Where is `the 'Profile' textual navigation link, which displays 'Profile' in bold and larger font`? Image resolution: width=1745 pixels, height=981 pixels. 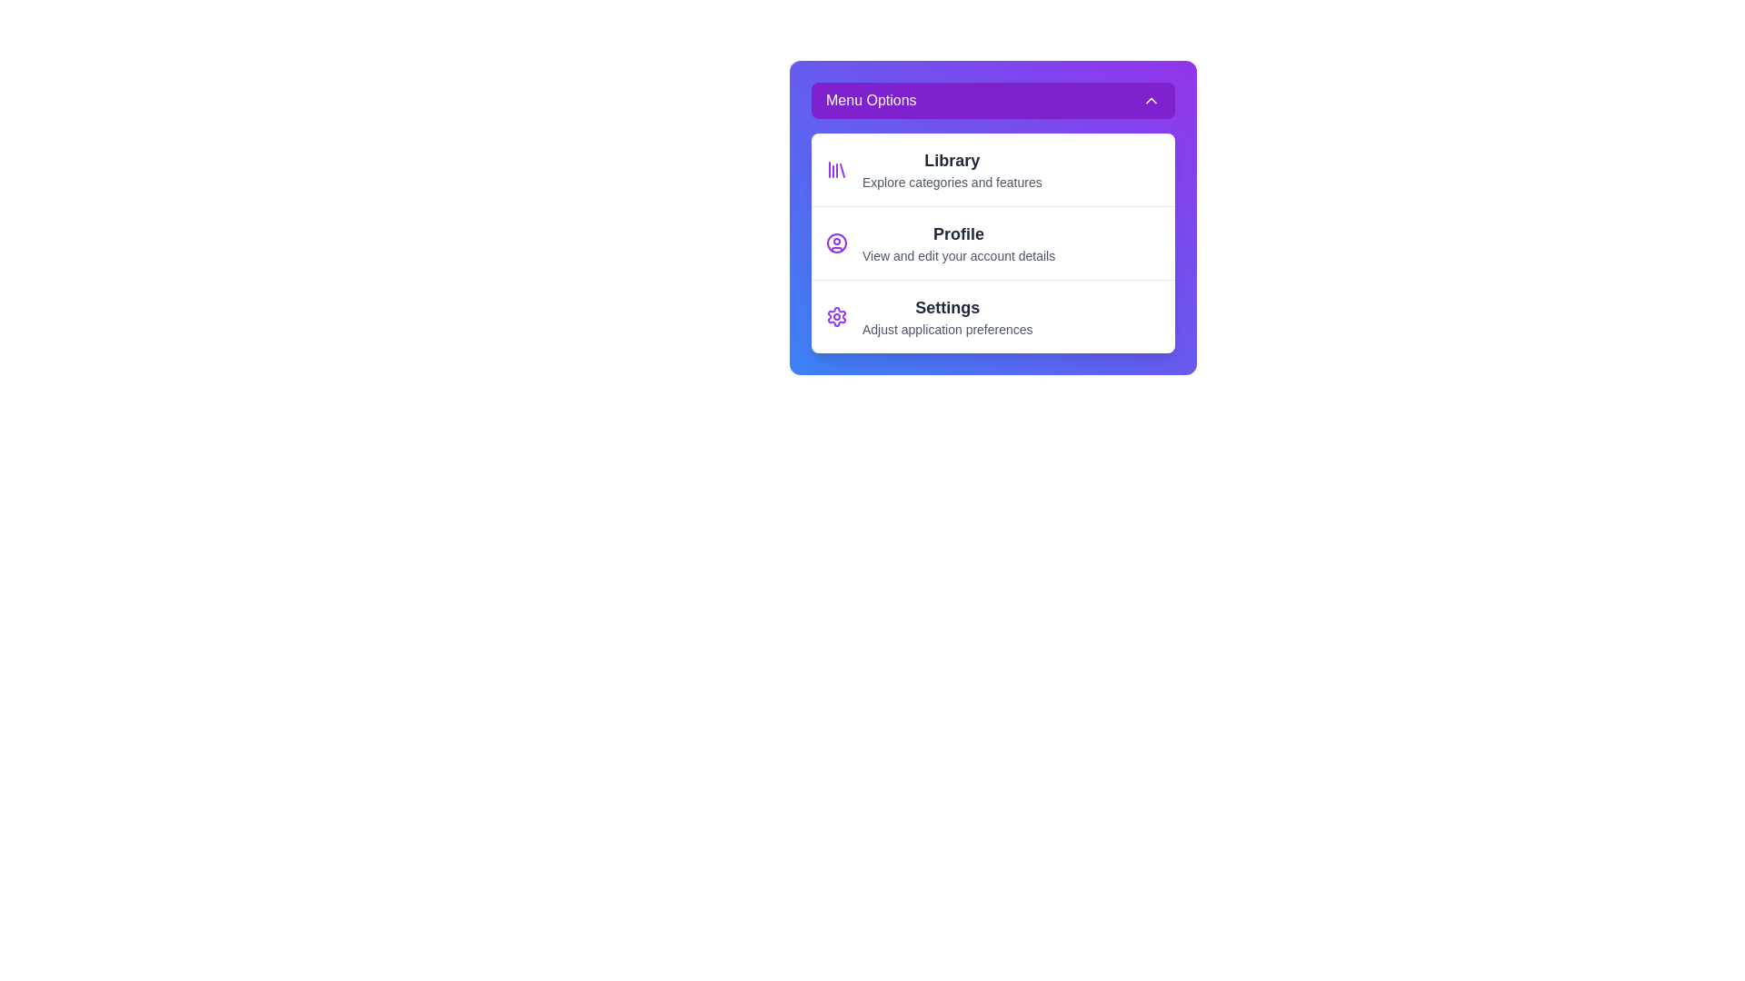 the 'Profile' textual navigation link, which displays 'Profile' in bold and larger font is located at coordinates (958, 242).